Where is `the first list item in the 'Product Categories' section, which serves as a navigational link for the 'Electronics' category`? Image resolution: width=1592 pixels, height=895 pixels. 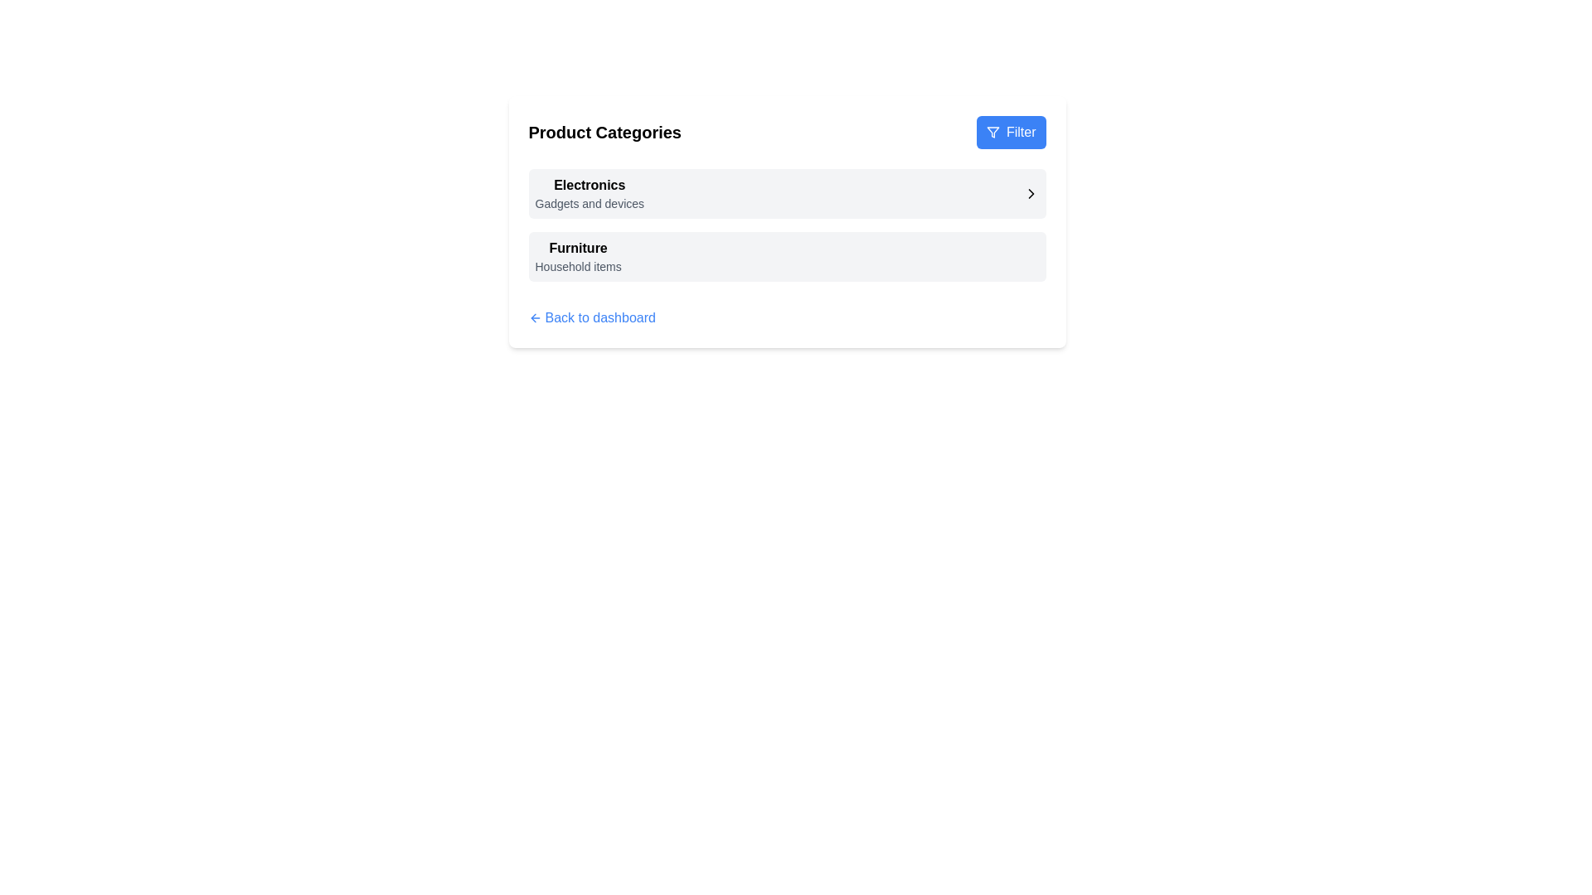
the first list item in the 'Product Categories' section, which serves as a navigational link for the 'Electronics' category is located at coordinates (786, 193).